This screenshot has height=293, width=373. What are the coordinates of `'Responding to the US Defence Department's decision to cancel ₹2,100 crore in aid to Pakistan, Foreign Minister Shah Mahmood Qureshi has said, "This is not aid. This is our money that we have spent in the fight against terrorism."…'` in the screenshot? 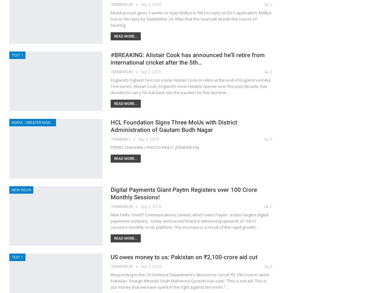 It's located at (190, 281).